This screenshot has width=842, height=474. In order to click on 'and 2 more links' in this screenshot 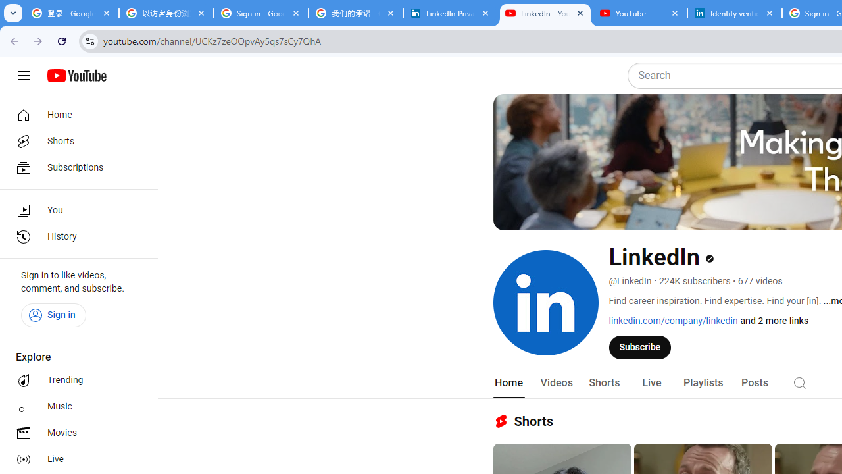, I will do `click(774, 321)`.